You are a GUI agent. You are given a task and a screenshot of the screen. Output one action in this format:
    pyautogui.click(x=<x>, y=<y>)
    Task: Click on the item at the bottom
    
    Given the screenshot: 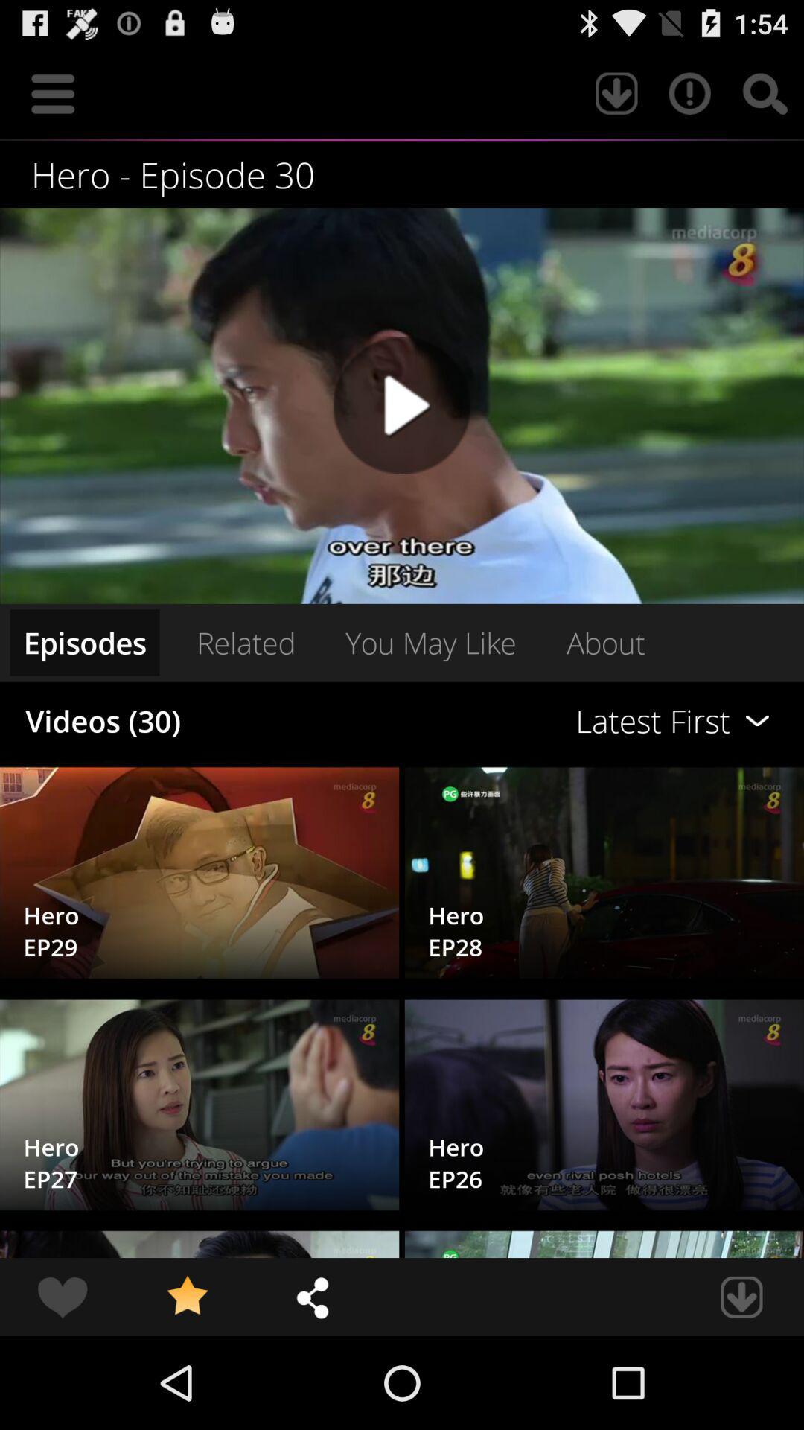 What is the action you would take?
    pyautogui.click(x=312, y=1296)
    